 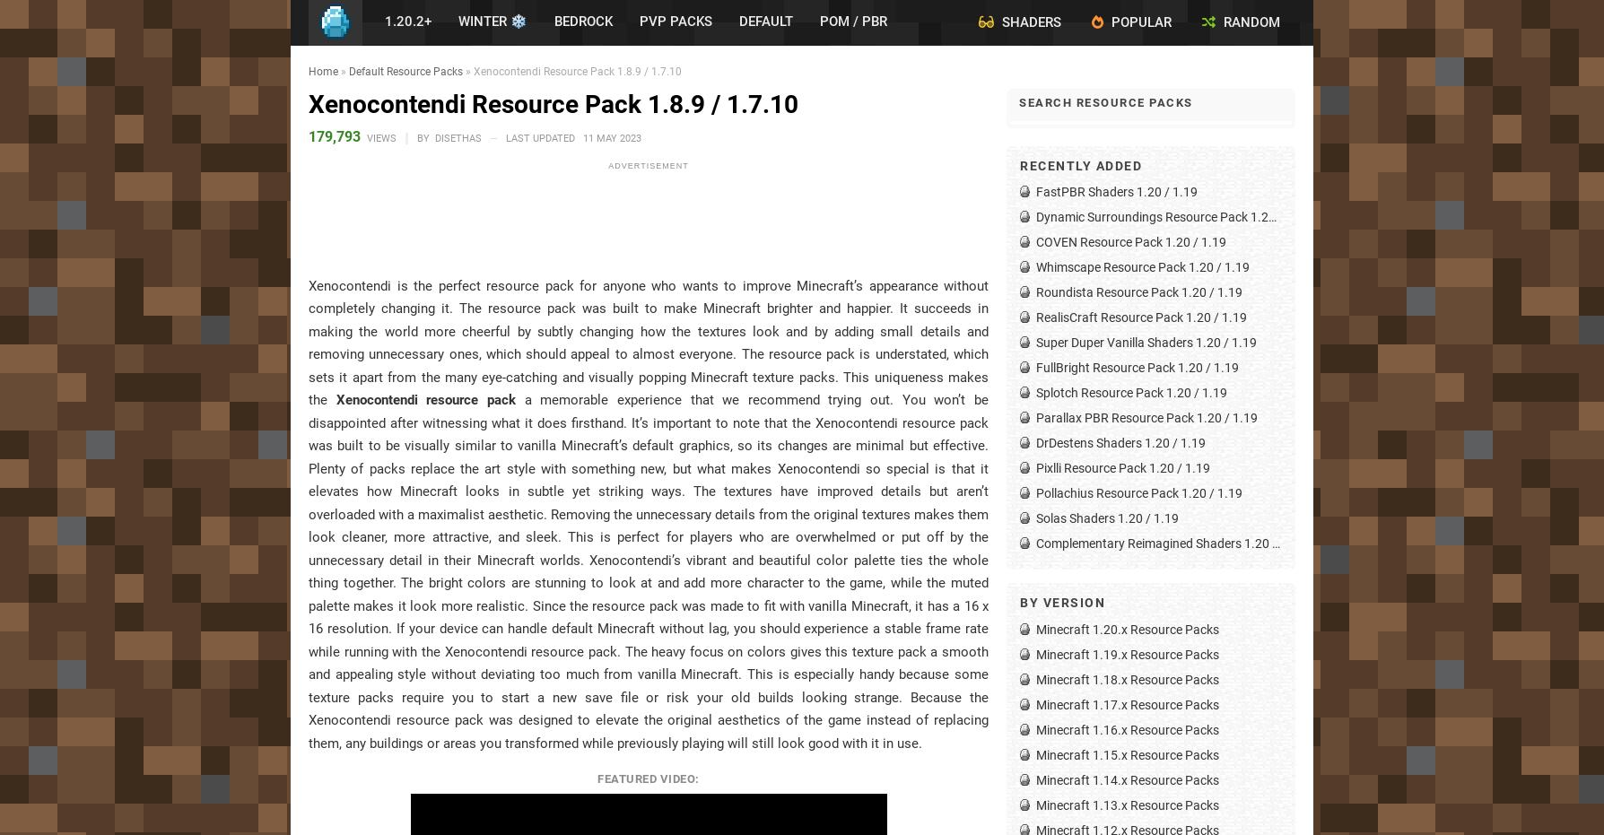 I want to click on 'Pixlli Resource Pack 1.20 / 1.19', so click(x=1121, y=468).